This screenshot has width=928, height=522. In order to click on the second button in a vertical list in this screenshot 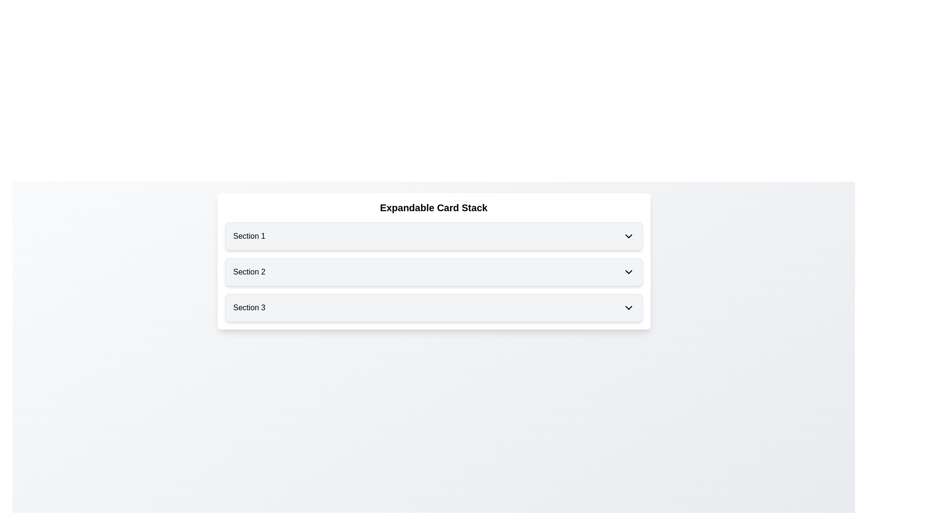, I will do `click(433, 272)`.